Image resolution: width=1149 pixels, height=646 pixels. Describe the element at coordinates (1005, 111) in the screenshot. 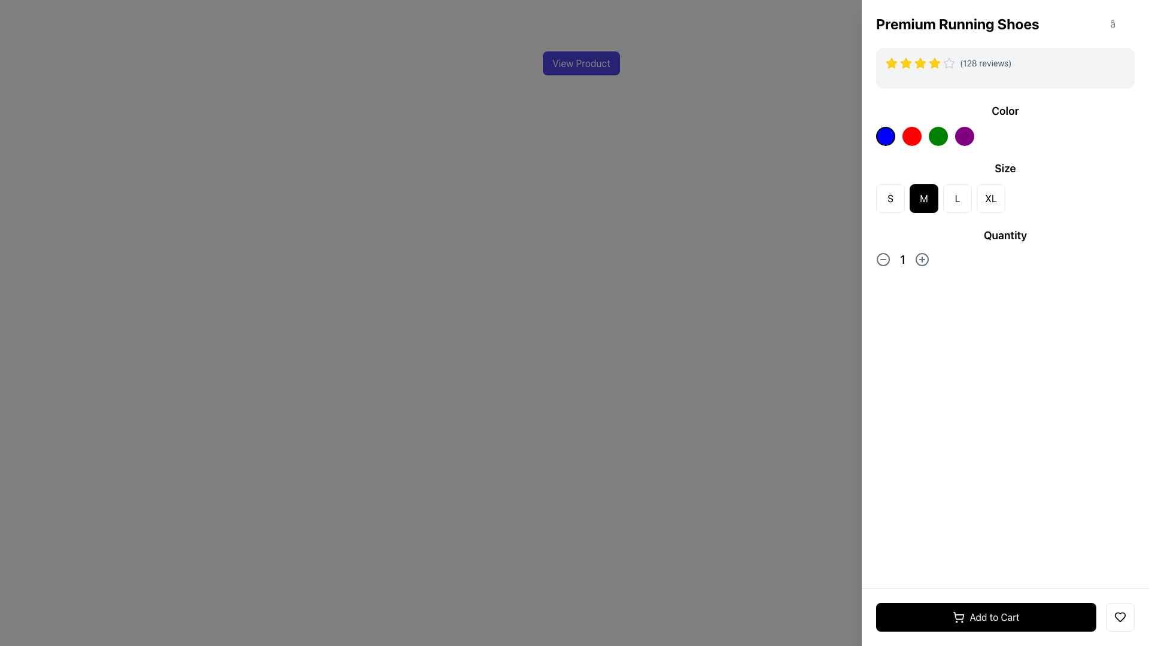

I see `the static text label that indicates the purpose of the section for choosing a color for the product, positioned centrally aligned on the right side of the interface above the color selection options` at that location.